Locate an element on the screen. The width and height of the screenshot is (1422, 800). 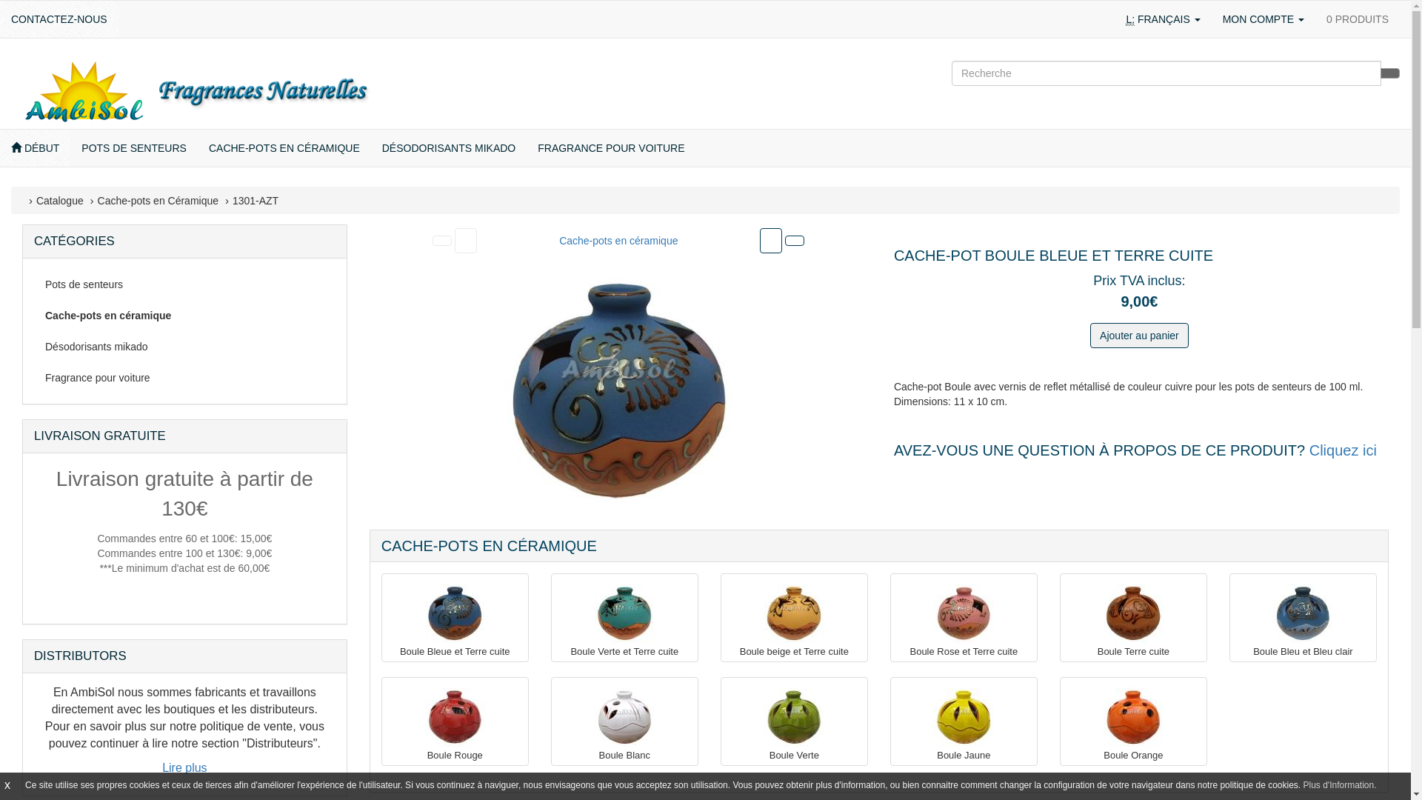
'1301-AZT' is located at coordinates (256, 200).